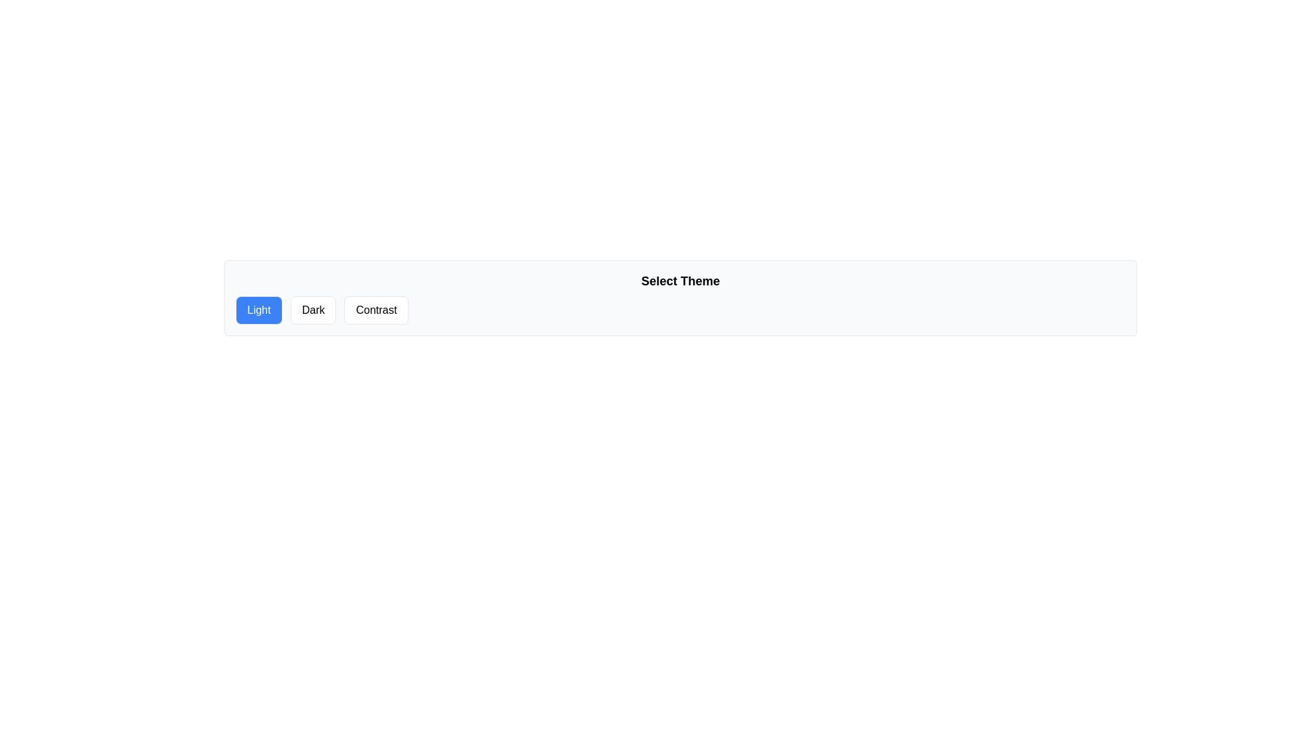  What do you see at coordinates (376, 310) in the screenshot?
I see `the 'Contrast' button, which is a rectangular button with rounded corners displaying the label 'Contrast' in black text` at bounding box center [376, 310].